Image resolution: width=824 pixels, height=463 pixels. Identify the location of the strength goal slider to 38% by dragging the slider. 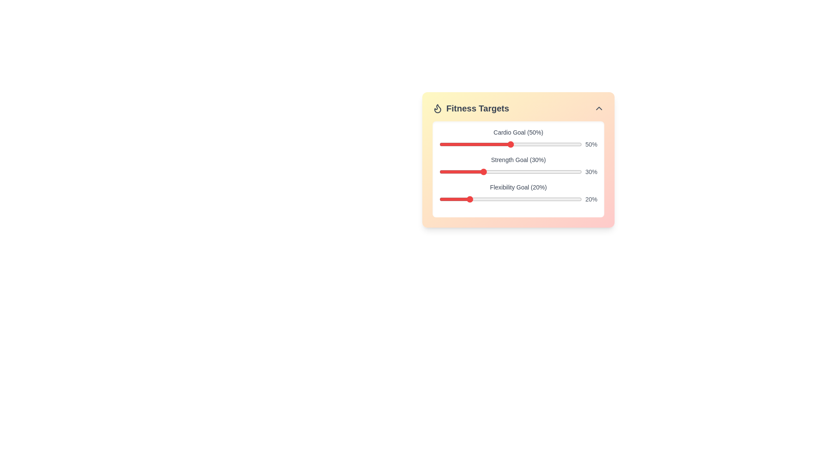
(494, 172).